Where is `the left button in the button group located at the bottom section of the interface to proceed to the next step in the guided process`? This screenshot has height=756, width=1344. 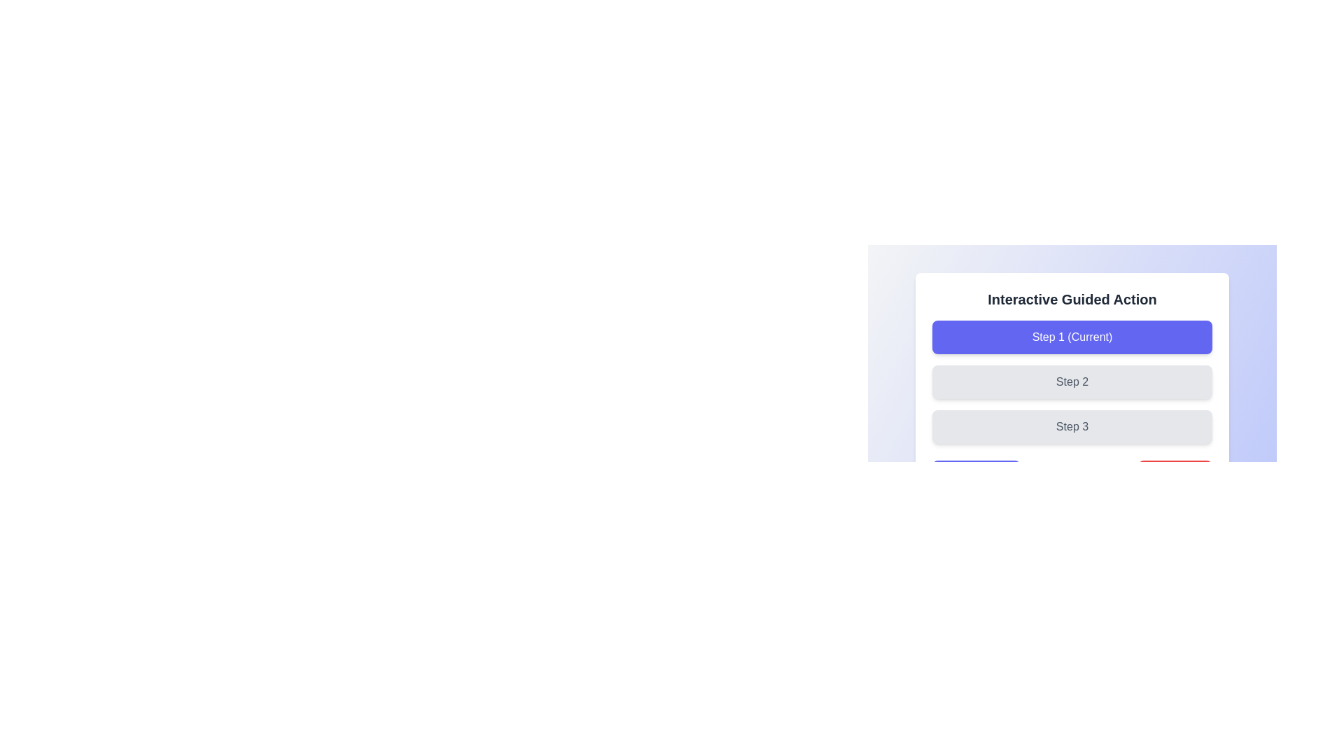 the left button in the button group located at the bottom section of the interface to proceed to the next step in the guided process is located at coordinates (976, 474).